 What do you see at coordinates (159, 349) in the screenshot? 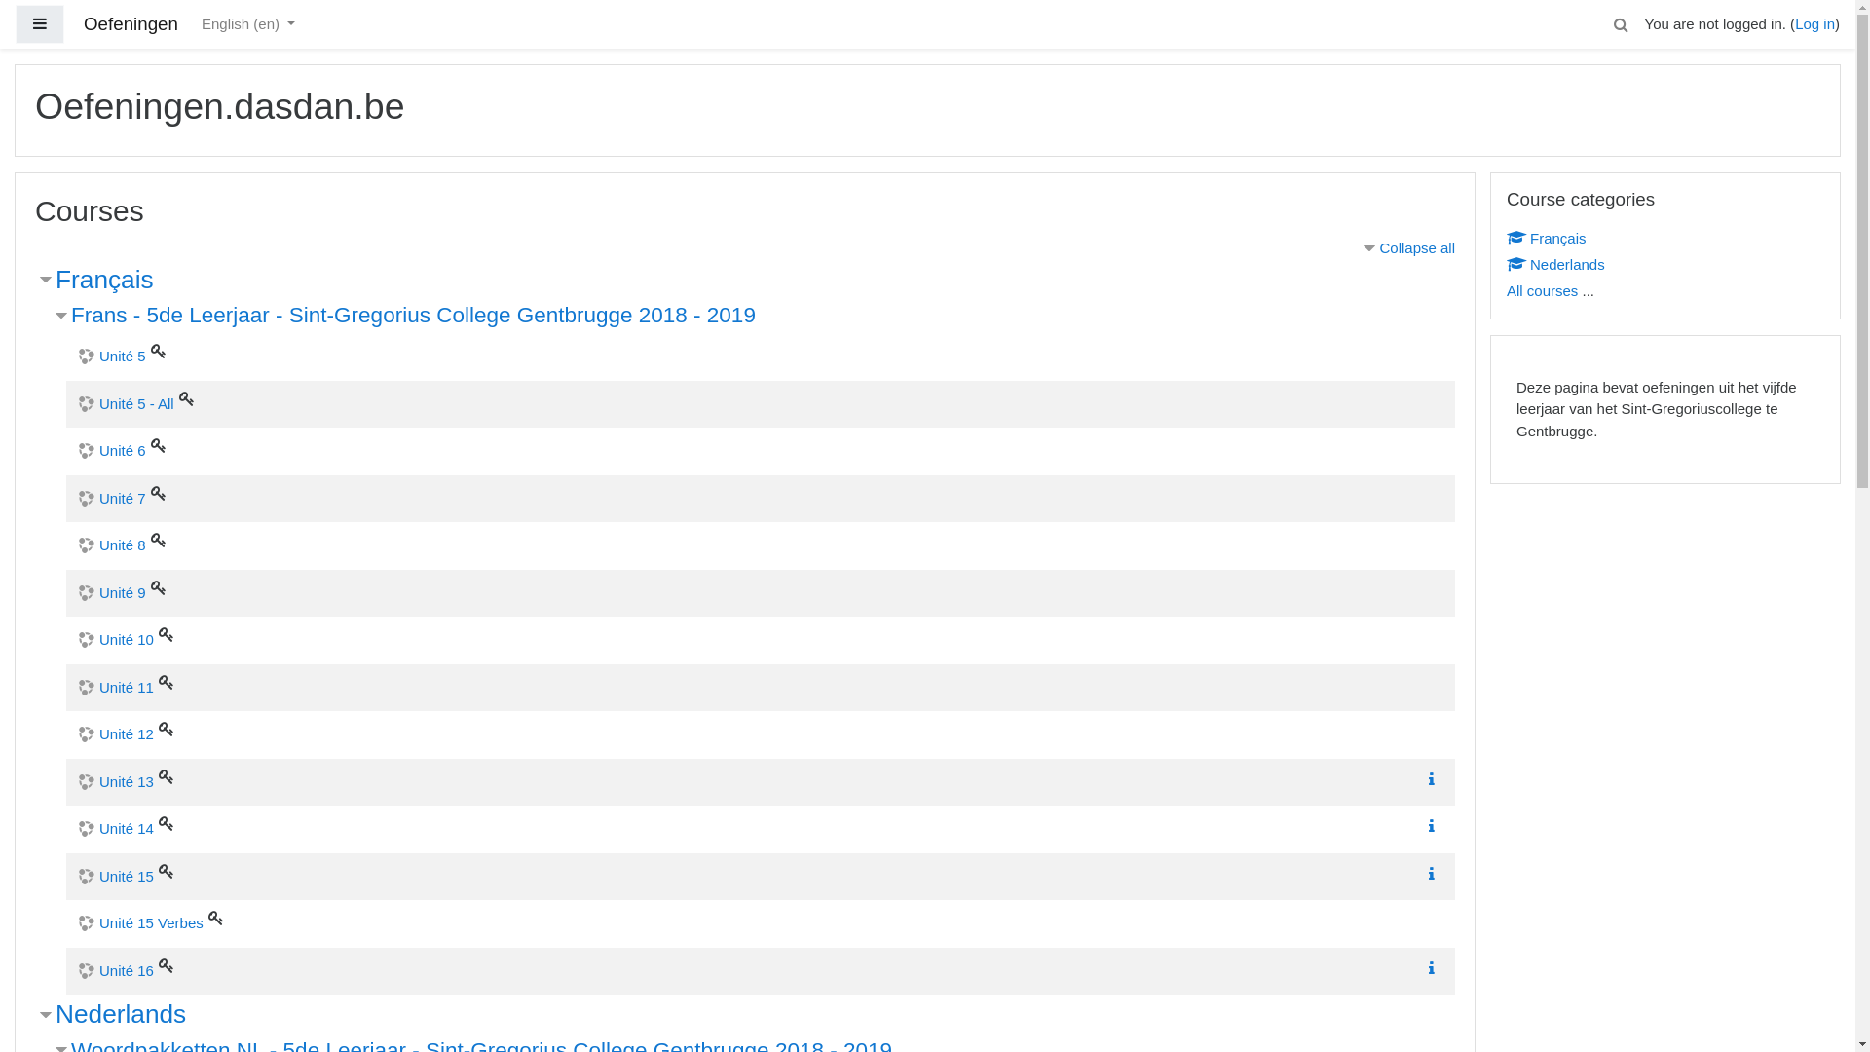
I see `'Self enrolment'` at bounding box center [159, 349].